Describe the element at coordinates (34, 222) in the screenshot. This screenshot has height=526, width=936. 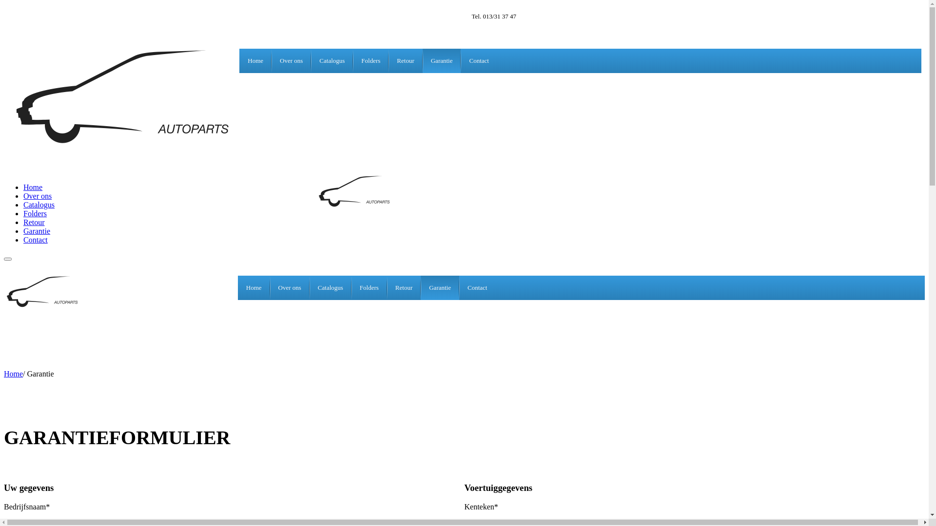
I see `'Retour'` at that location.